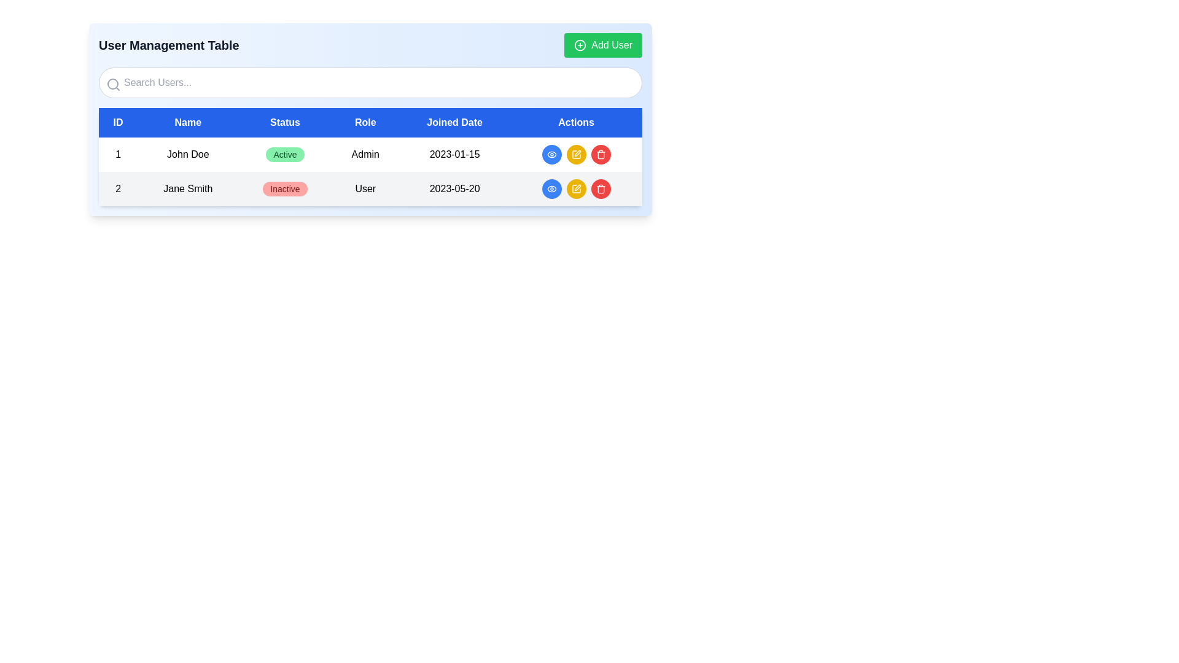 The height and width of the screenshot is (663, 1179). I want to click on the eye icon in the 'Actions' column of the second row for 'Jane Smith', so click(551, 189).